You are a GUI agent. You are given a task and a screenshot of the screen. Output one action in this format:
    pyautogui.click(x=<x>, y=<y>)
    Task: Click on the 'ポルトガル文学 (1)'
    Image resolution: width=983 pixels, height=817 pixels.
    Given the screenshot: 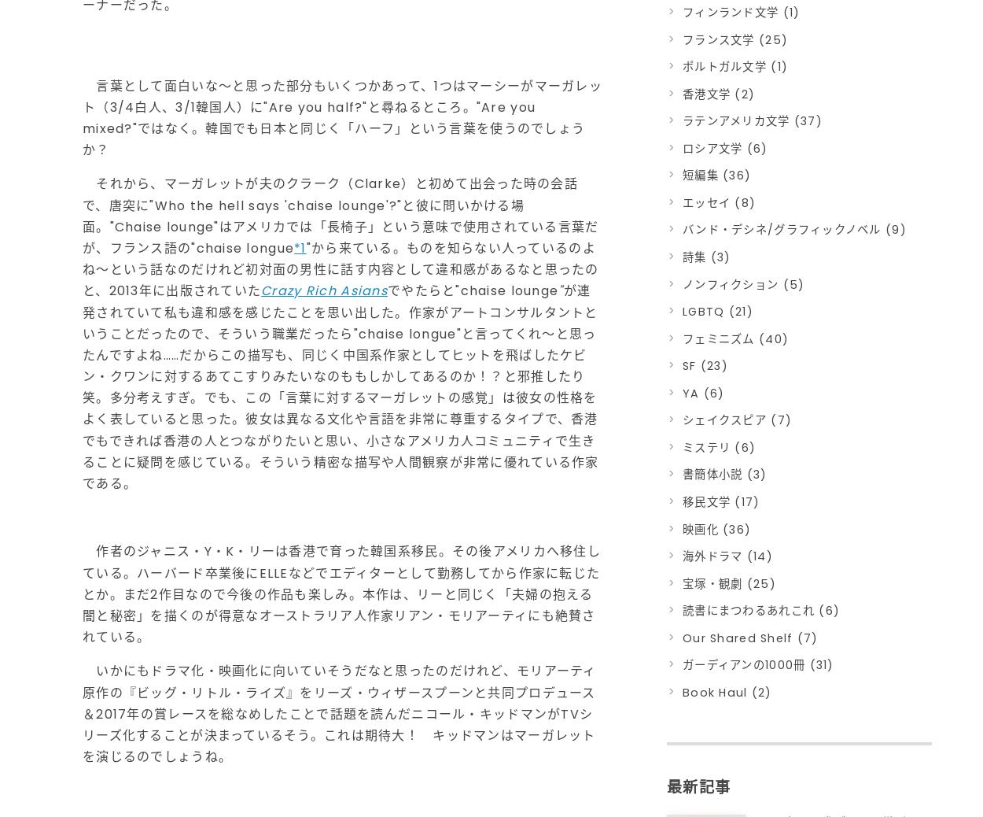 What is the action you would take?
    pyautogui.click(x=682, y=66)
    